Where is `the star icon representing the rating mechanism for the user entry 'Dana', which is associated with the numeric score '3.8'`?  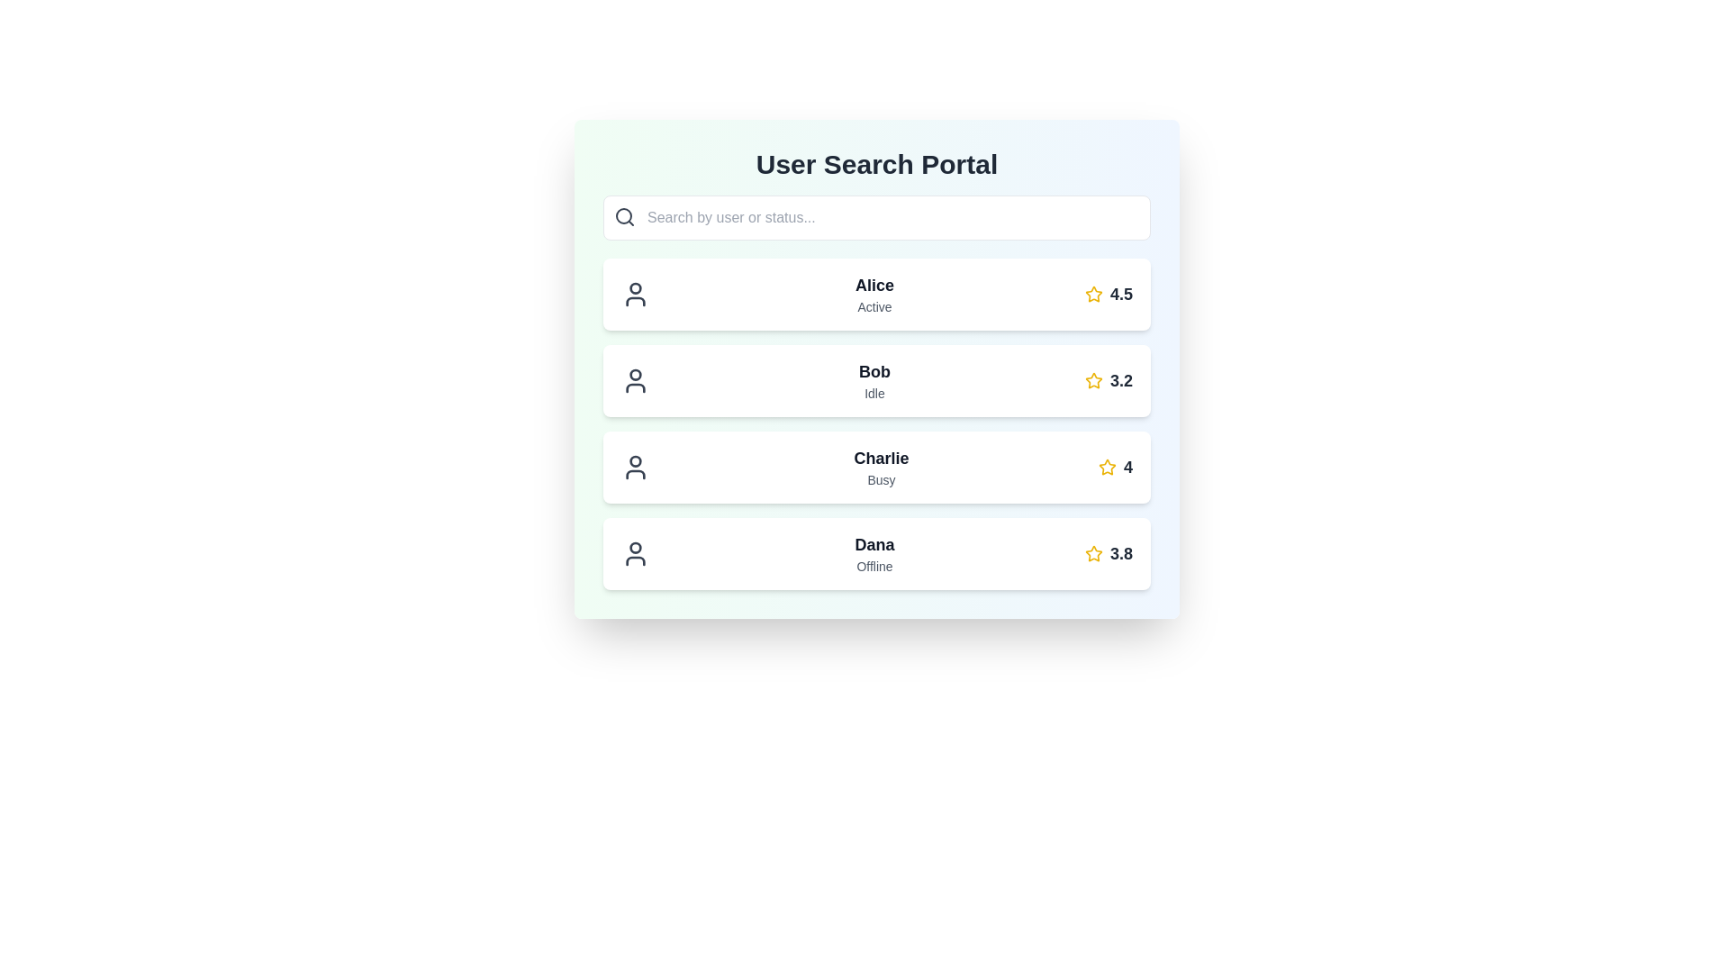 the star icon representing the rating mechanism for the user entry 'Dana', which is associated with the numeric score '3.8' is located at coordinates (1092, 552).